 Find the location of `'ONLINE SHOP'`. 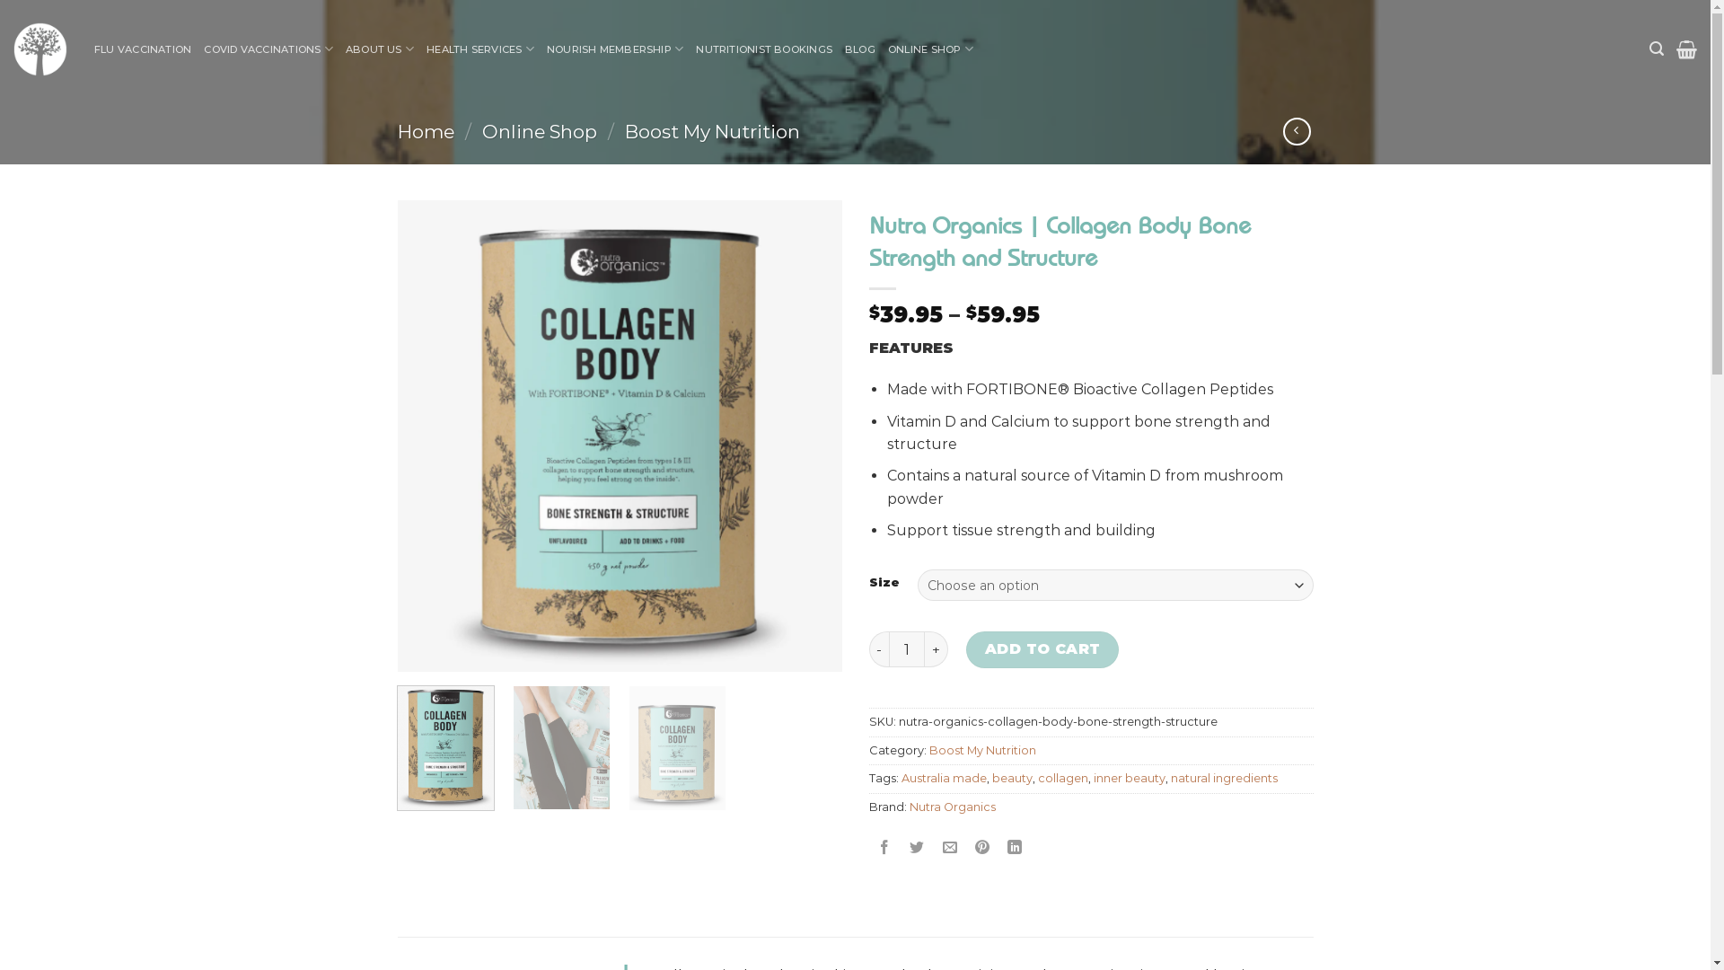

'ONLINE SHOP' is located at coordinates (930, 48).